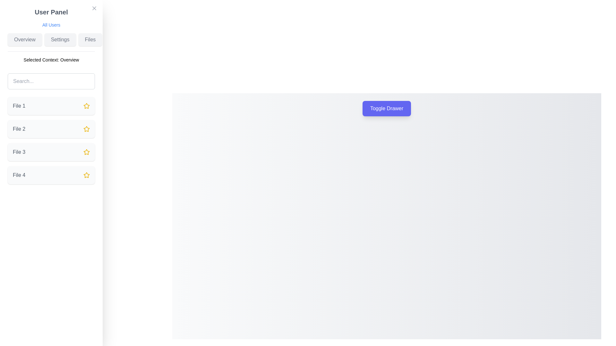 The width and height of the screenshot is (616, 346). I want to click on the button that toggles the visibility of the drawer component for keyboard interactions, so click(386, 108).